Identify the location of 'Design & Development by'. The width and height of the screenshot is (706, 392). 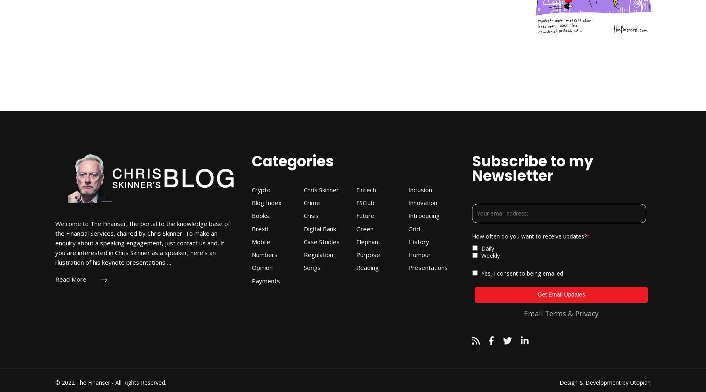
(559, 382).